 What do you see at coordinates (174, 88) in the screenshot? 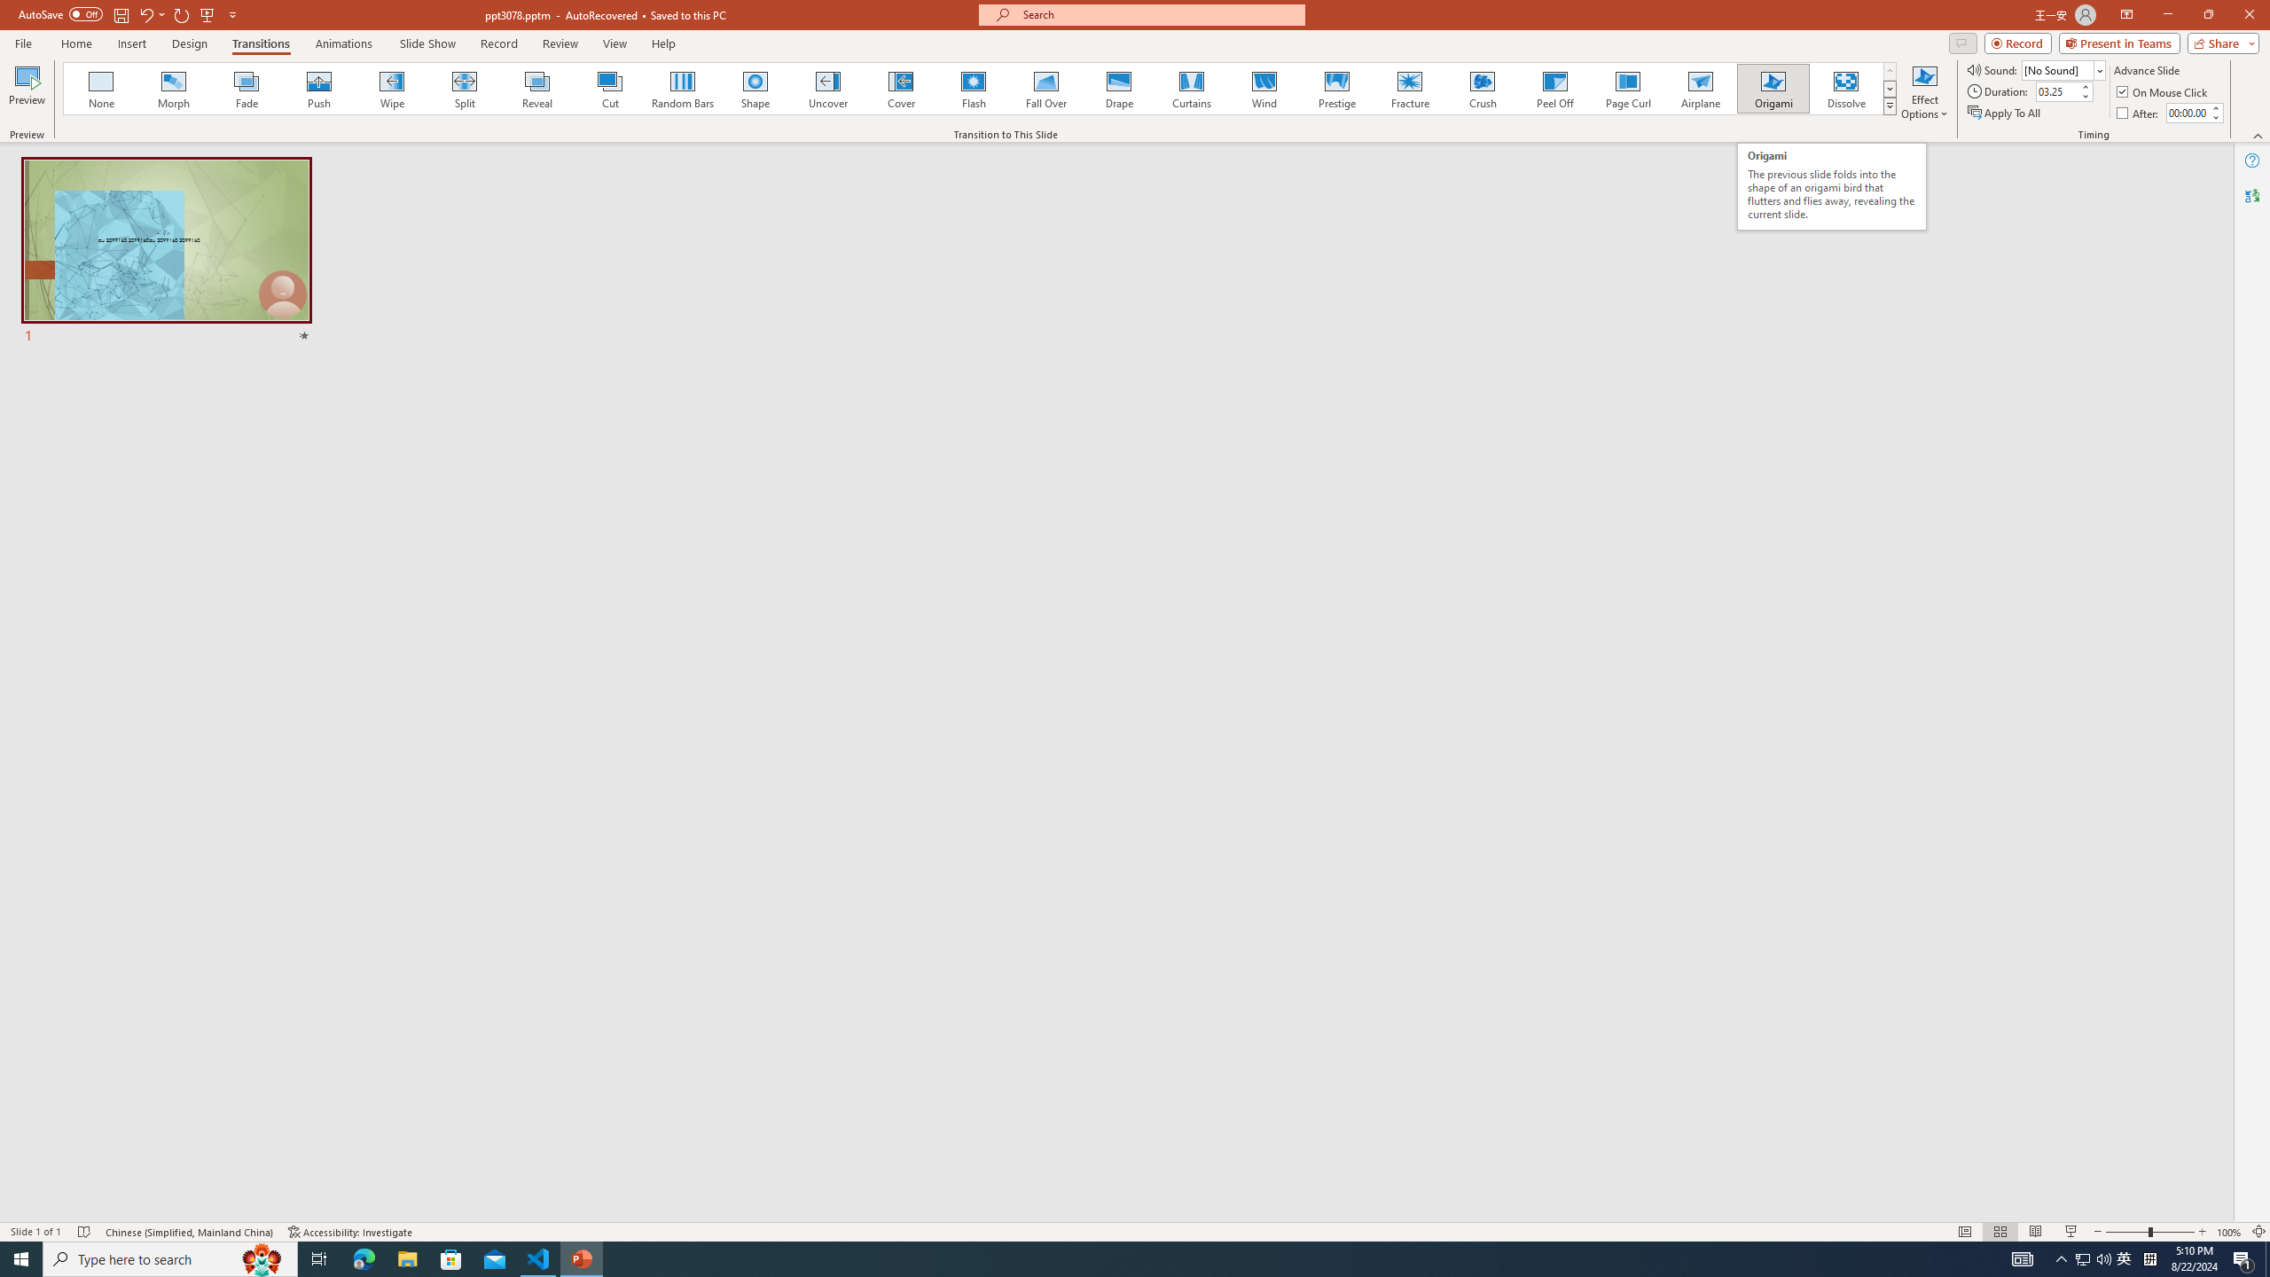
I see `'Morph'` at bounding box center [174, 88].